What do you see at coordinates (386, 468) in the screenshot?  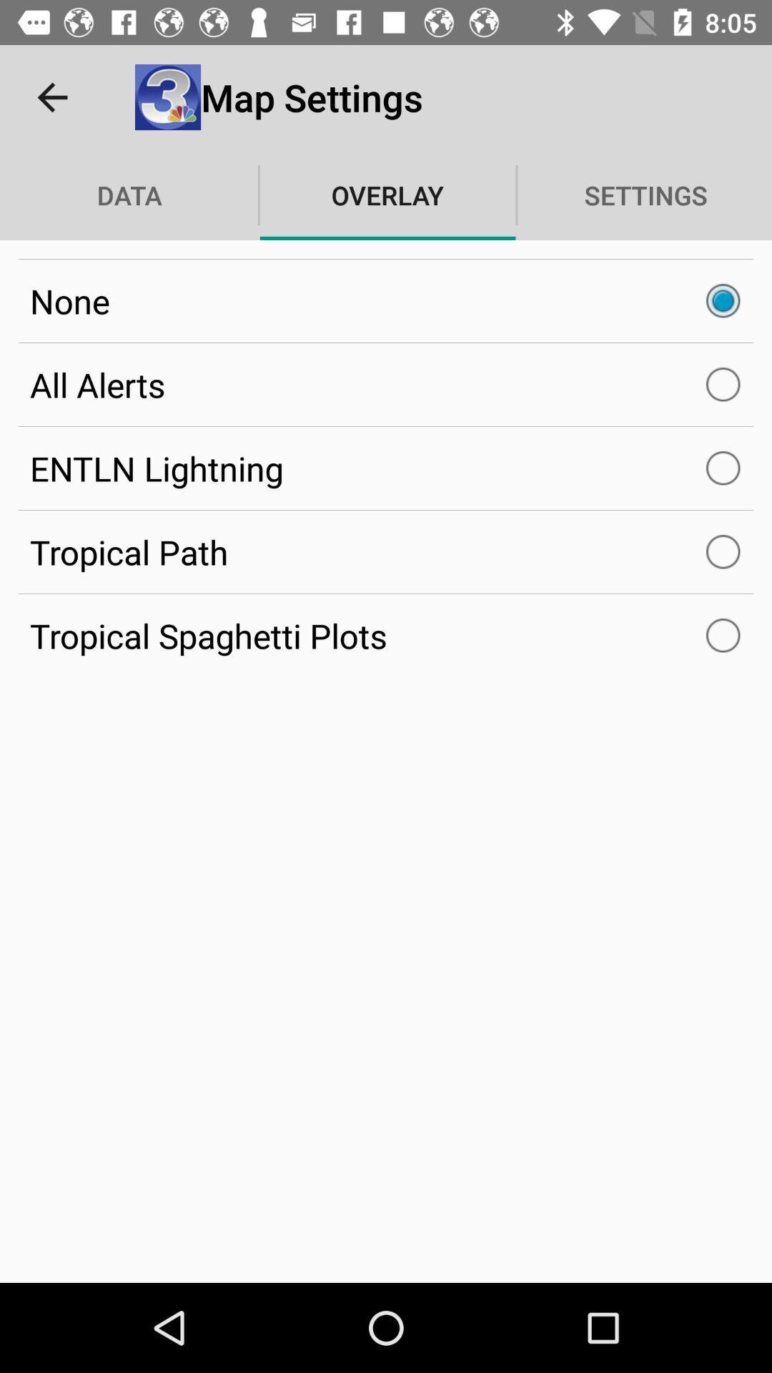 I see `entln lightning icon` at bounding box center [386, 468].